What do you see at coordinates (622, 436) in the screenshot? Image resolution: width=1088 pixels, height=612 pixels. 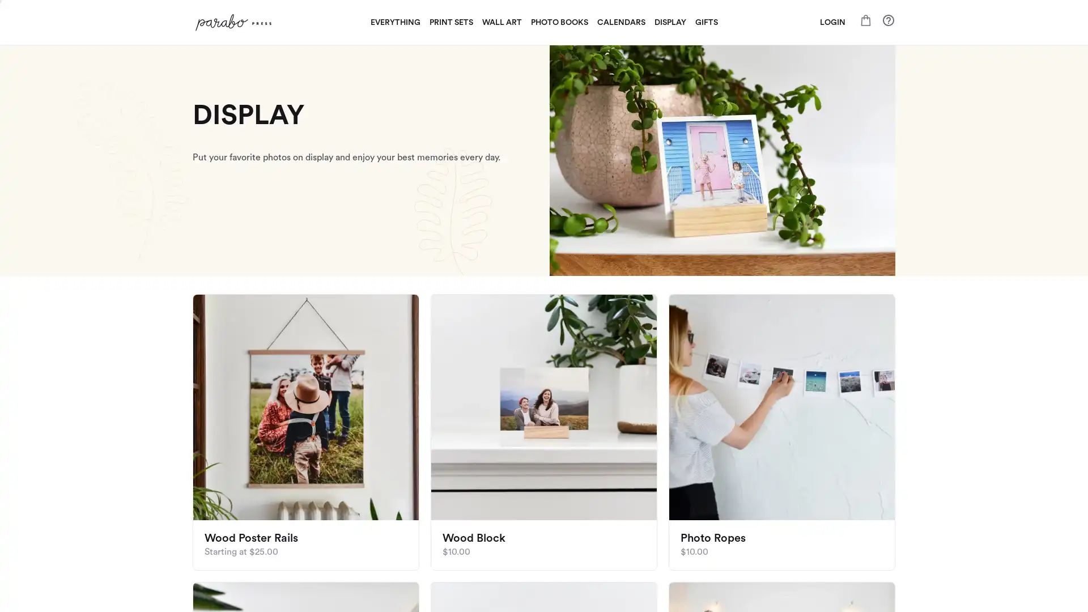 I see `subscribe` at bounding box center [622, 436].